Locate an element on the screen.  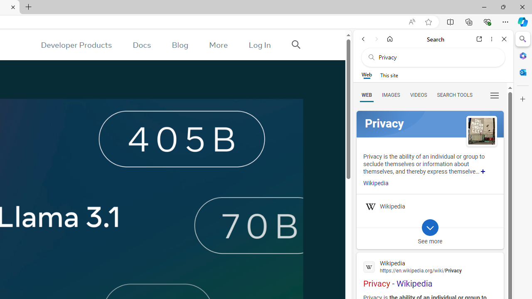
'Show more' is located at coordinates (483, 171).